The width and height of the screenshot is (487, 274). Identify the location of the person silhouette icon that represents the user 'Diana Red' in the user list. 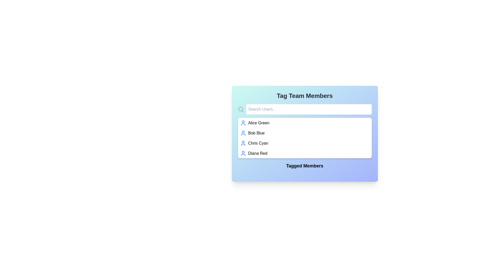
(243, 153).